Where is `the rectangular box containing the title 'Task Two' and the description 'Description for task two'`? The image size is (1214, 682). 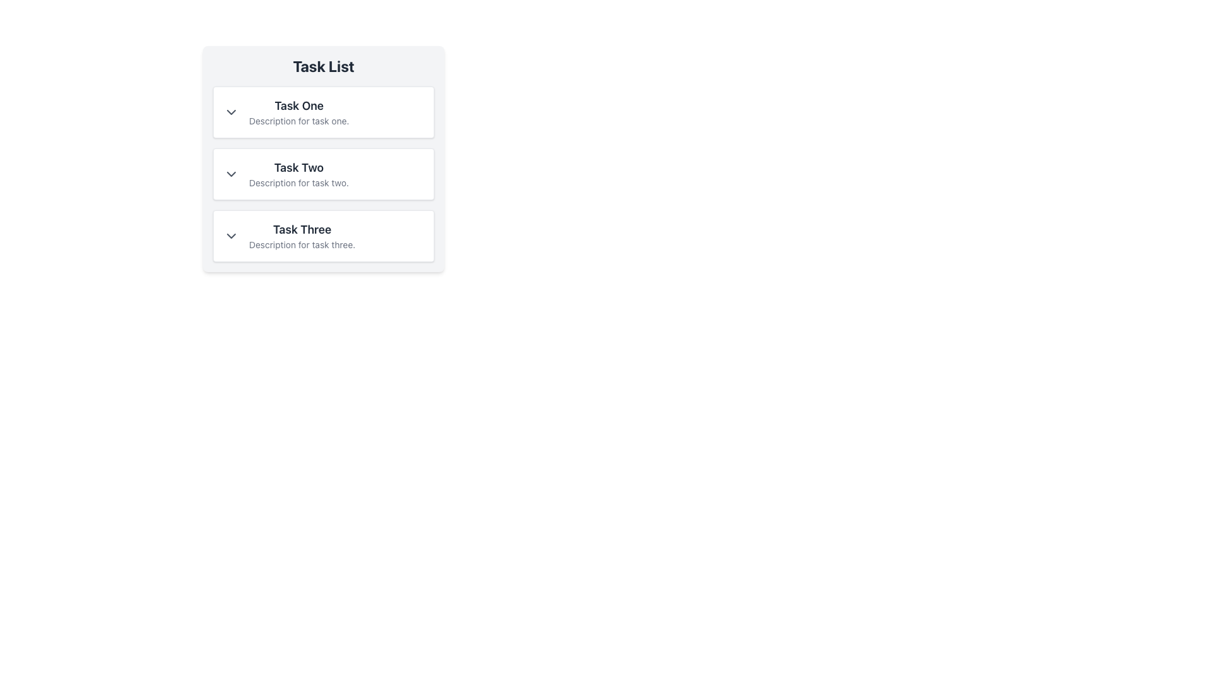 the rectangular box containing the title 'Task Two' and the description 'Description for task two' is located at coordinates (324, 158).